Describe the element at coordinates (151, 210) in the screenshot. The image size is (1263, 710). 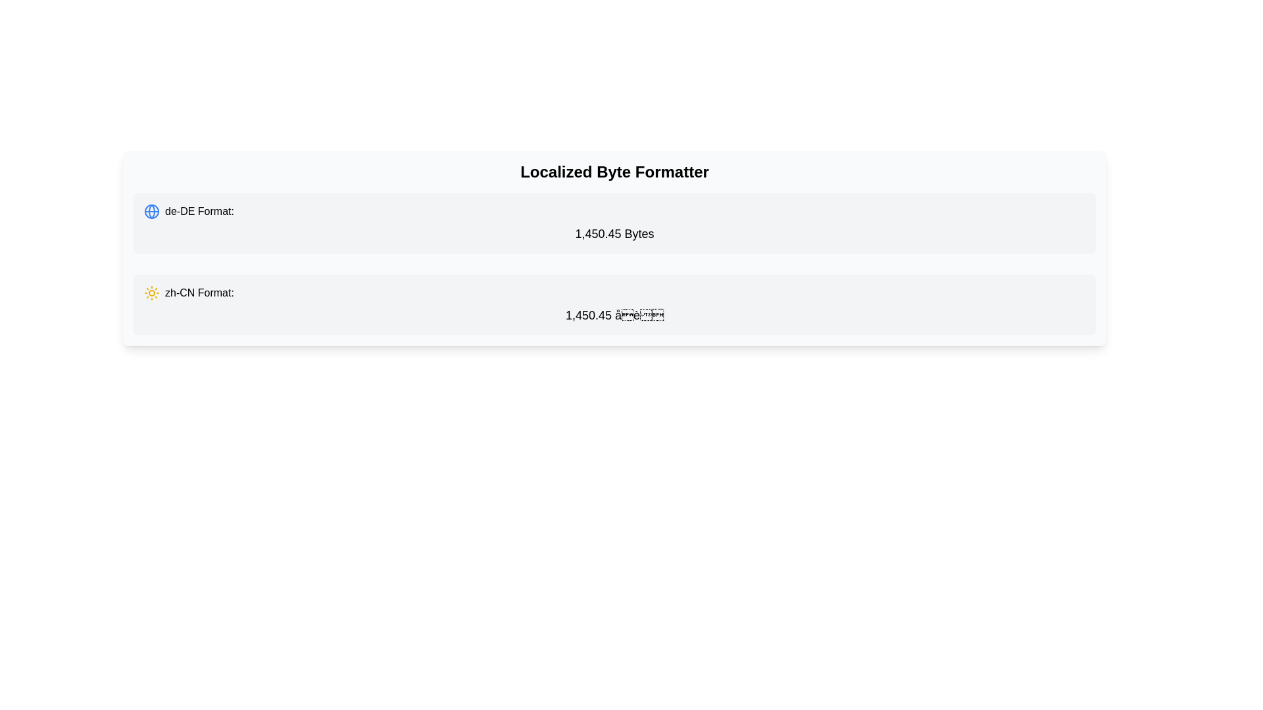
I see `the graphical SVG element representing part of a globe icon` at that location.